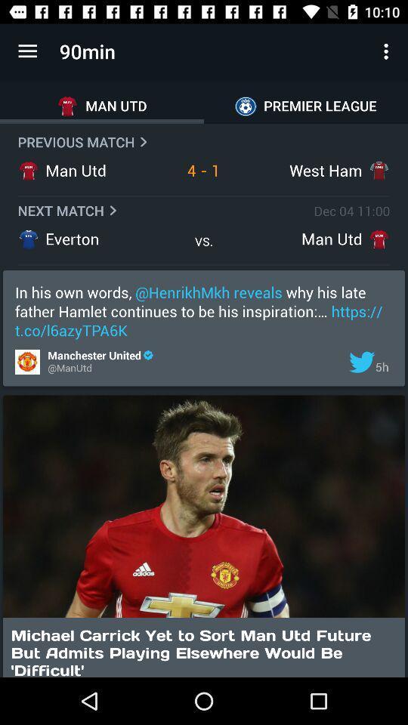 This screenshot has width=408, height=725. Describe the element at coordinates (388, 51) in the screenshot. I see `the app to the right of 90min icon` at that location.